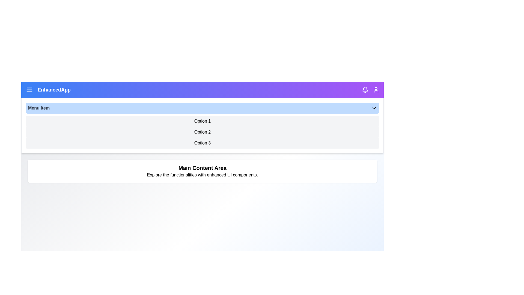 This screenshot has width=524, height=295. I want to click on the main content area text, so click(202, 171).